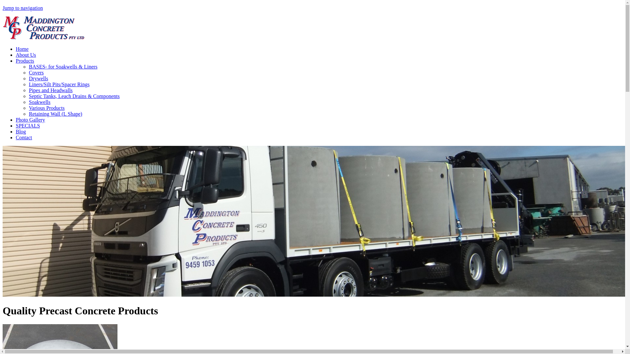 The image size is (630, 354). I want to click on 'Jump to navigation', so click(23, 8).